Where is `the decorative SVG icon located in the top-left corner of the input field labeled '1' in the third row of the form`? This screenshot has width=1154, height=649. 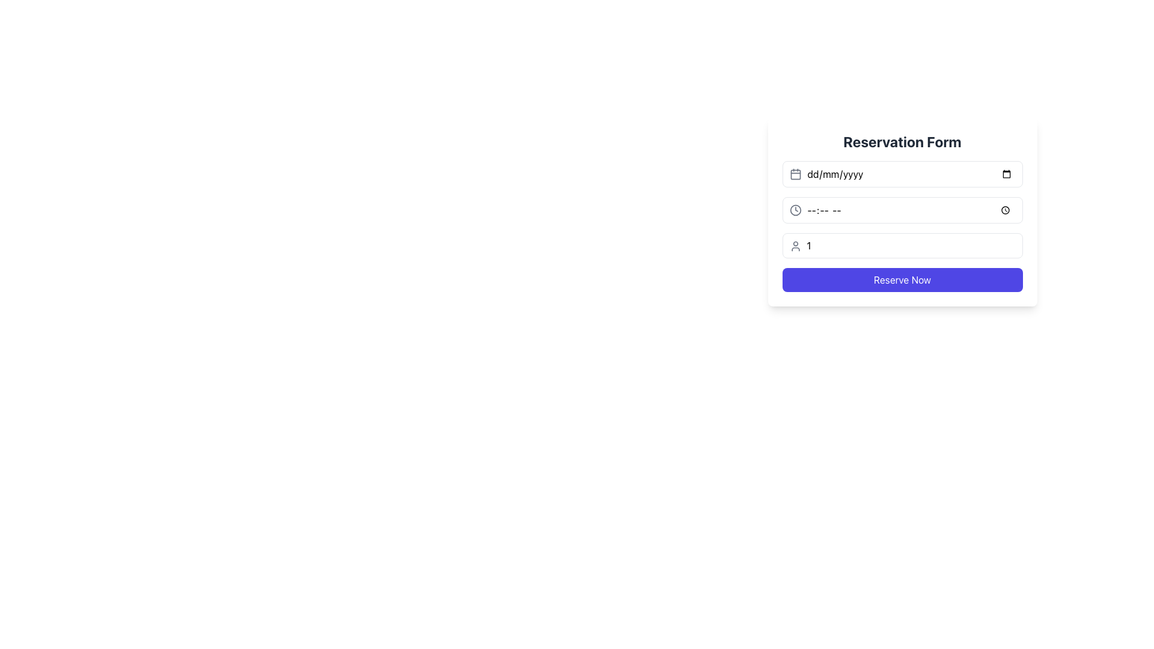
the decorative SVG icon located in the top-left corner of the input field labeled '1' in the third row of the form is located at coordinates (795, 245).